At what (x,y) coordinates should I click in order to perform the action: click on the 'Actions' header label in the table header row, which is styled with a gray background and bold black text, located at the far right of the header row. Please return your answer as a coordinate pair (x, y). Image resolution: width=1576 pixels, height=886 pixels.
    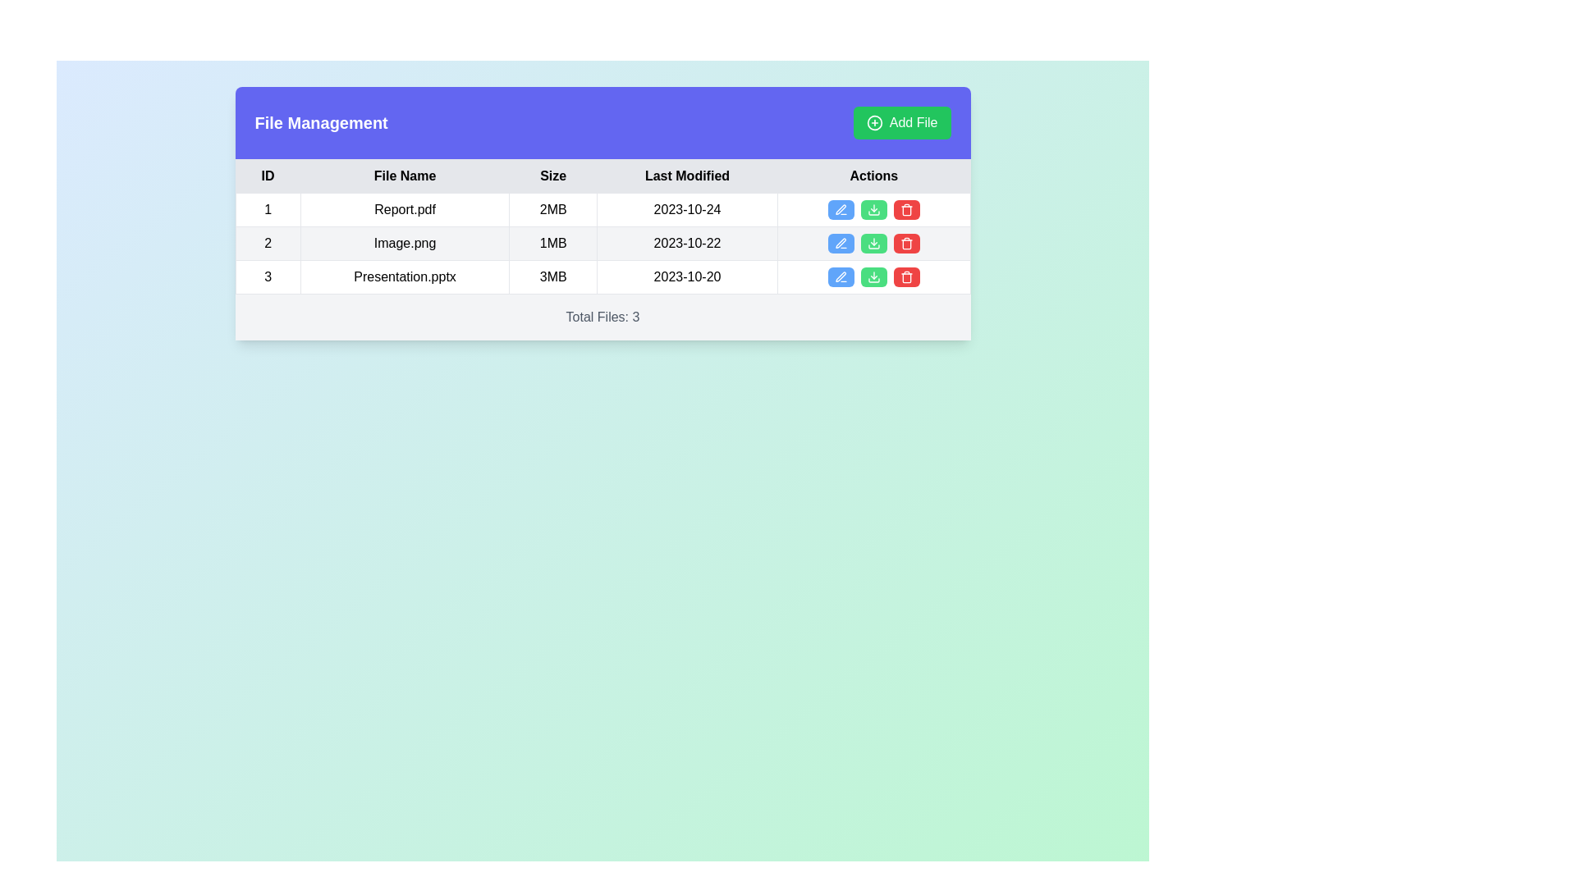
    Looking at the image, I should click on (873, 176).